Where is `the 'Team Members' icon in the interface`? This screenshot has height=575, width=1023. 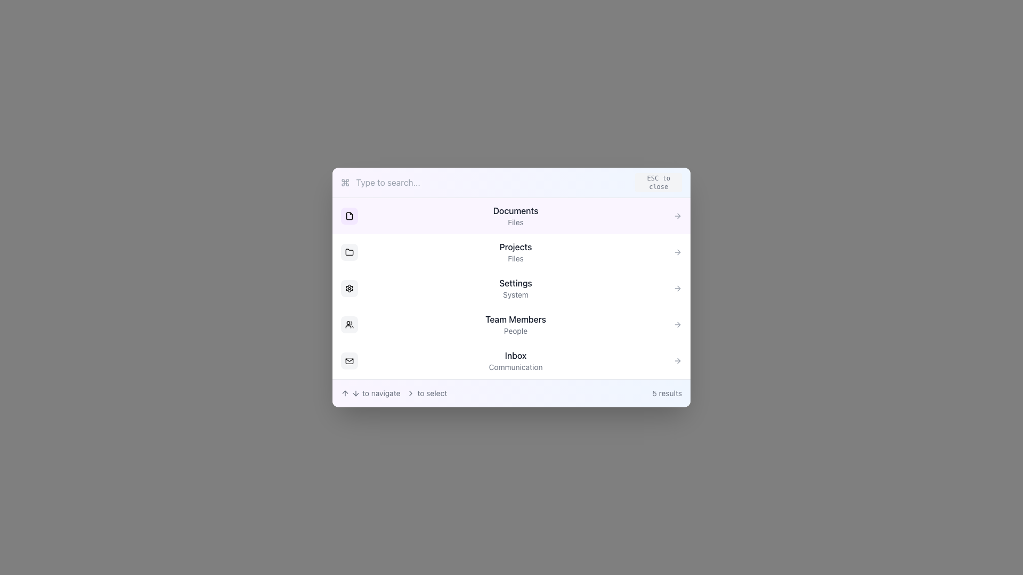
the 'Team Members' icon in the interface is located at coordinates (350, 324).